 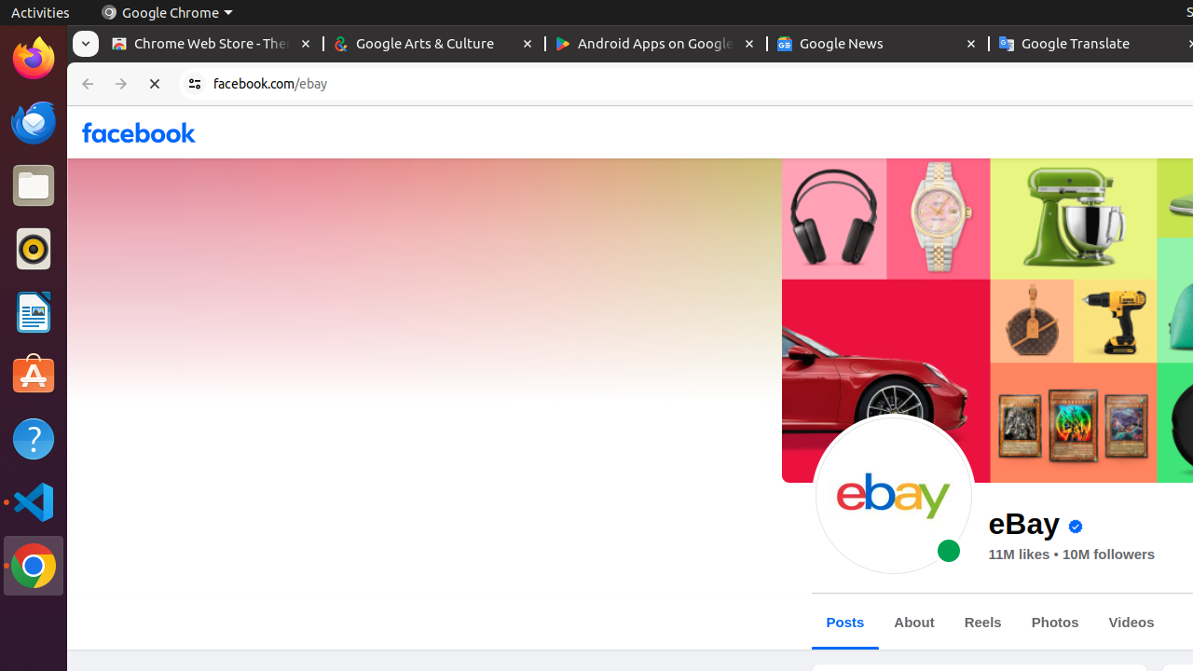 I want to click on 'Files', so click(x=33, y=185).